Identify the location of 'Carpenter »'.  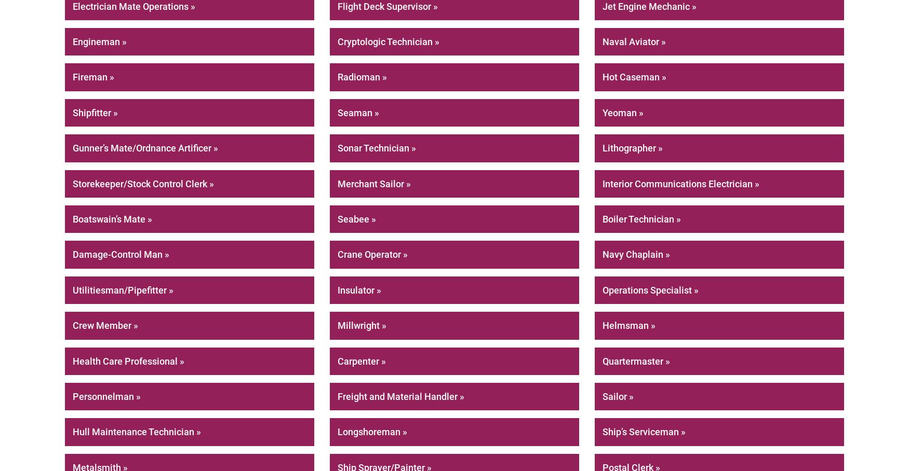
(362, 360).